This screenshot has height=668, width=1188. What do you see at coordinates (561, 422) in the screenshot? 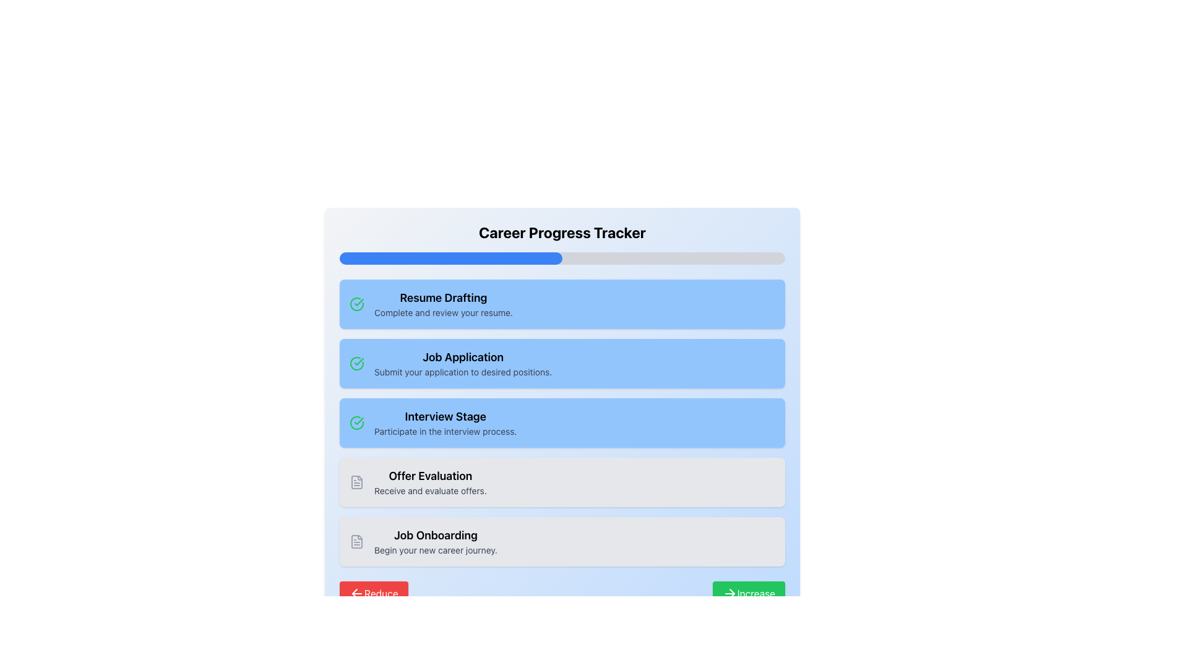
I see `the 'Interview Stage' descriptive card, which is the third item in the vertically stacked list of career progression stages, positioned between 'Job Application' and 'Offer Evaluation'` at bounding box center [561, 422].